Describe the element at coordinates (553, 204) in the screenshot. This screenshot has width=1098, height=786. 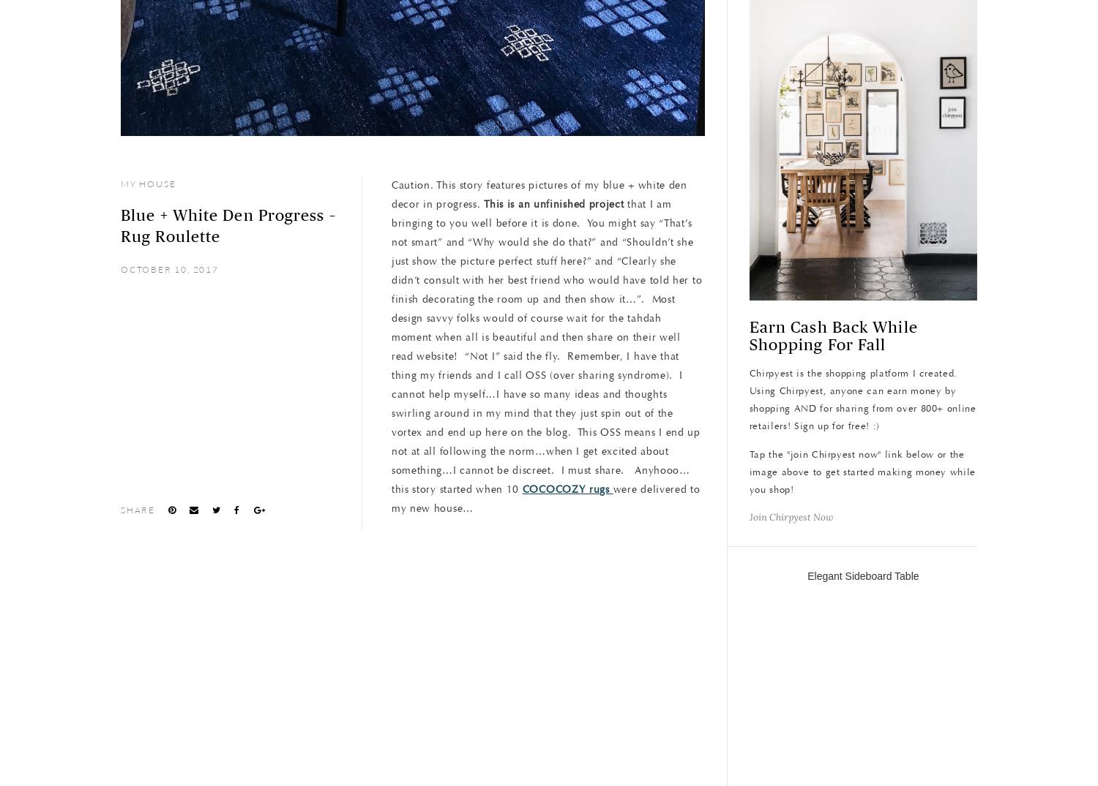
I see `'This is an unfinished project'` at that location.